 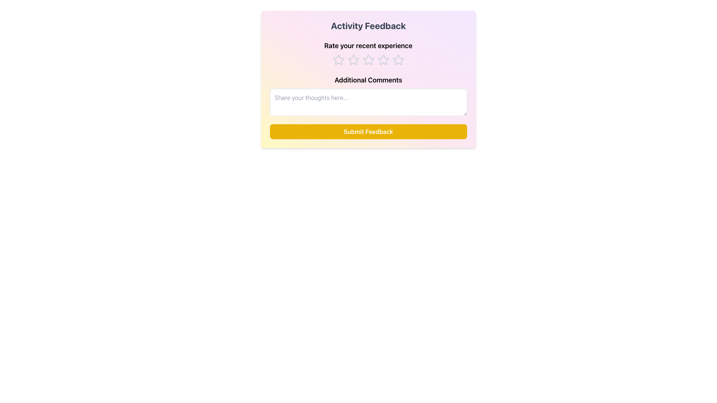 What do you see at coordinates (368, 131) in the screenshot?
I see `the submission button located at the bottom of the feedback form` at bounding box center [368, 131].